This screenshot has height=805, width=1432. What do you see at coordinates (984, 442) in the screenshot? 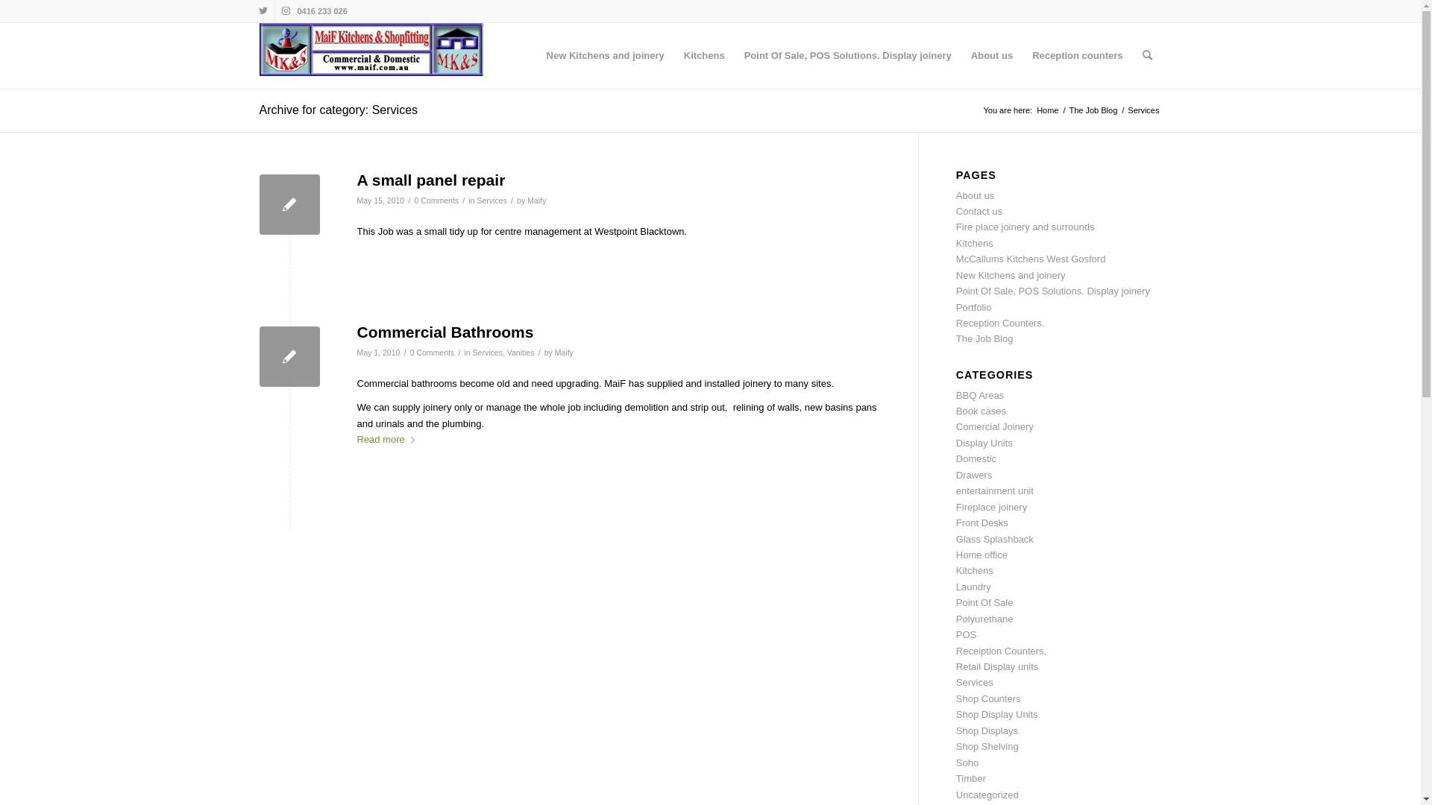
I see `'Display Units'` at bounding box center [984, 442].